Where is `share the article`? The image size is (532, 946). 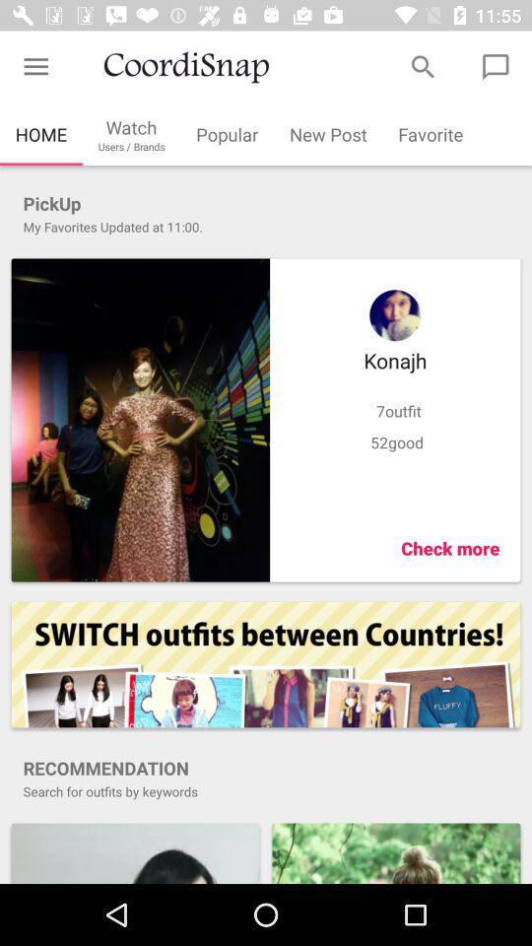
share the article is located at coordinates (134, 851).